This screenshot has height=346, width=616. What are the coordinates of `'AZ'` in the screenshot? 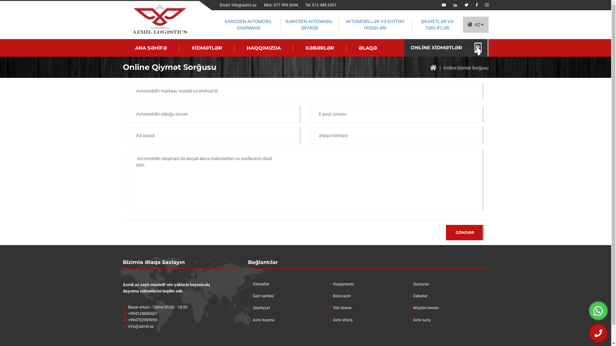 It's located at (475, 24).